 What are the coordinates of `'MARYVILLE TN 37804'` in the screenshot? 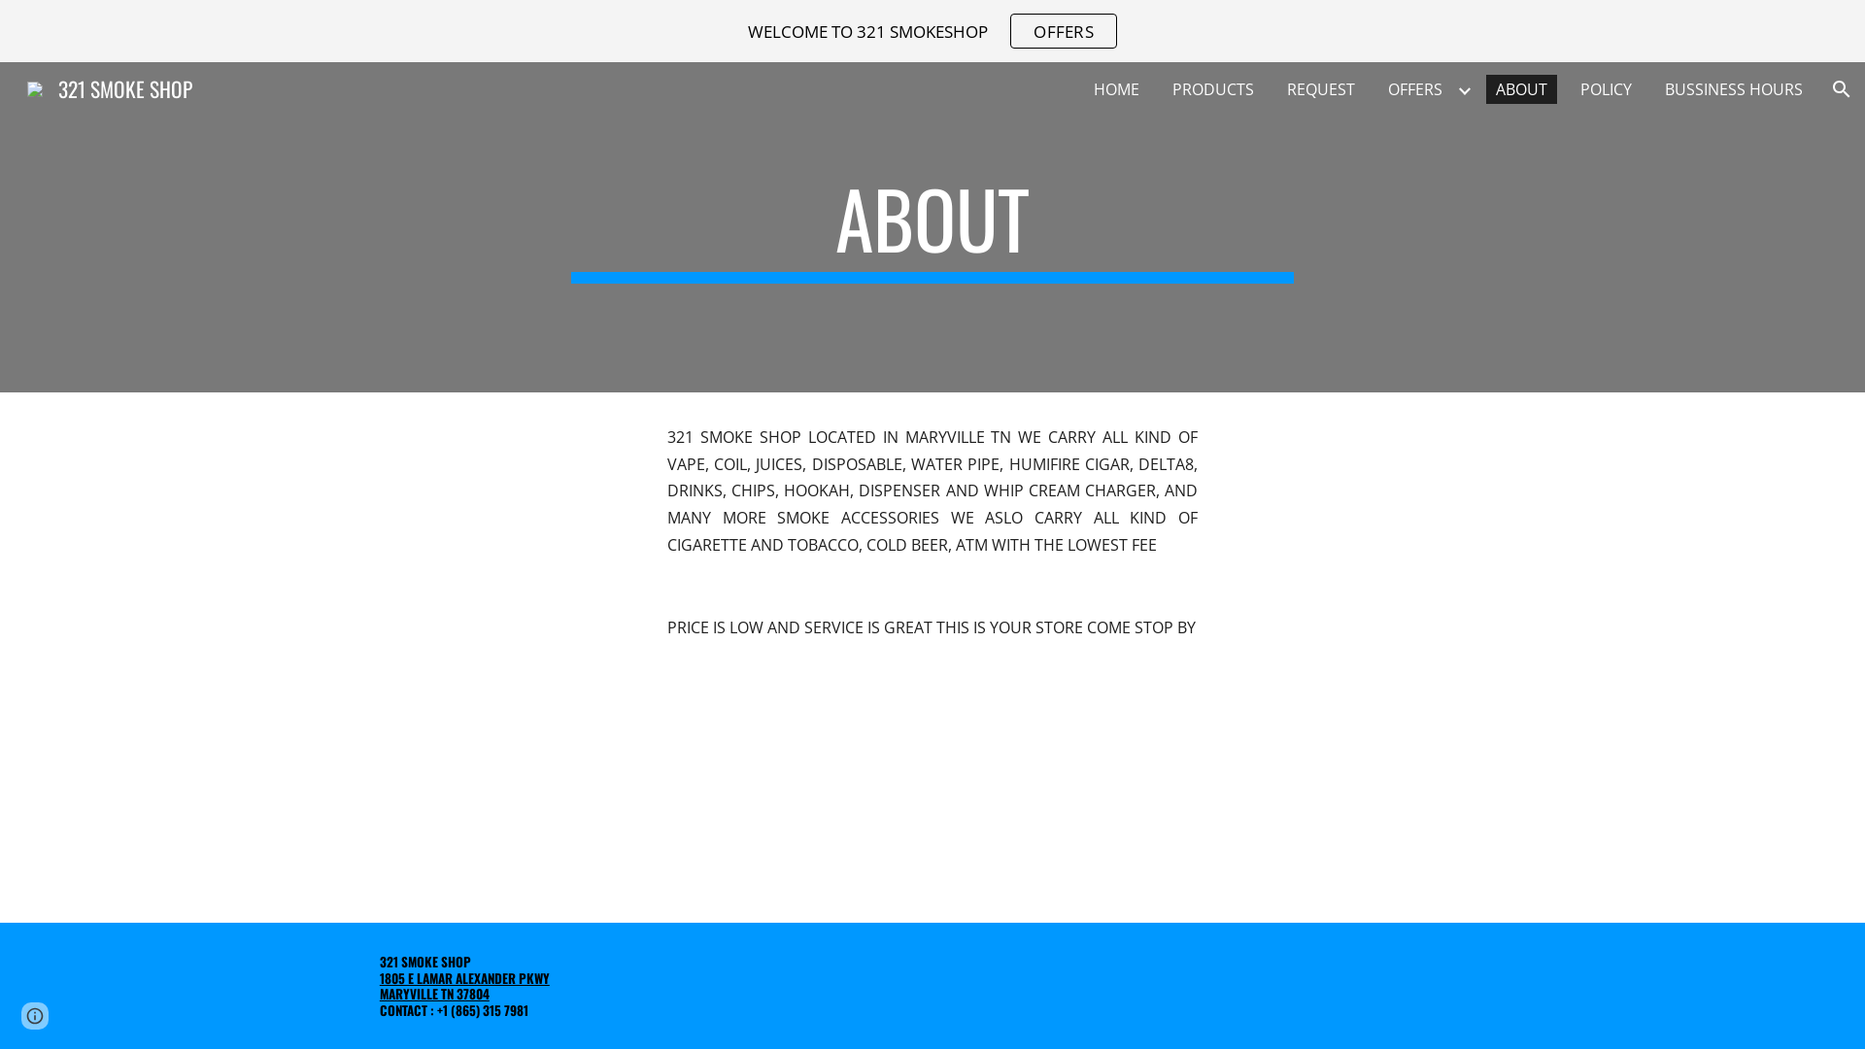 It's located at (433, 994).